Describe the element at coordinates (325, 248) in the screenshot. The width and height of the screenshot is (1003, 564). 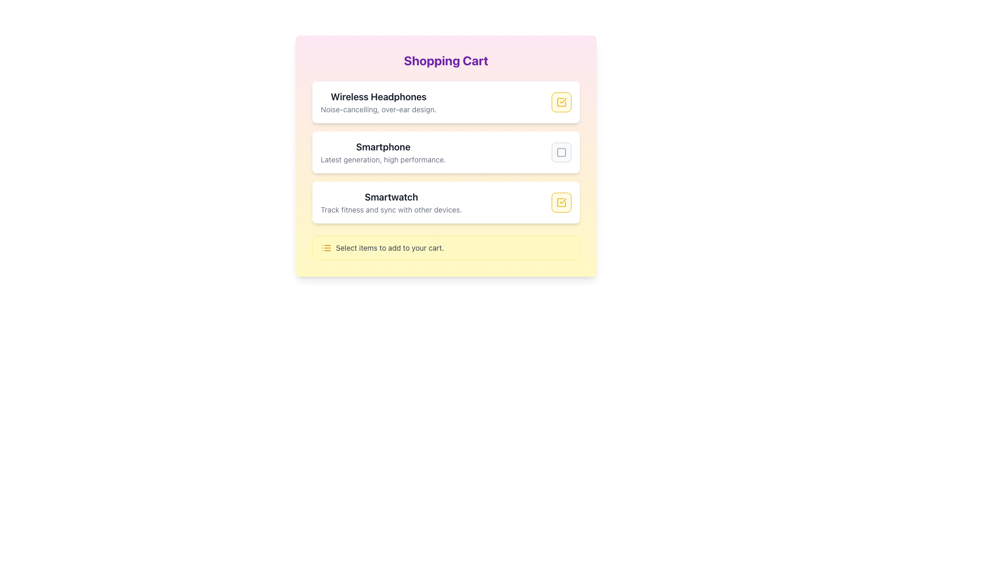
I see `the list icon located on the left side within a yellow-highlighted box near the bottom of the visible interface, adjacent to the instructional text` at that location.